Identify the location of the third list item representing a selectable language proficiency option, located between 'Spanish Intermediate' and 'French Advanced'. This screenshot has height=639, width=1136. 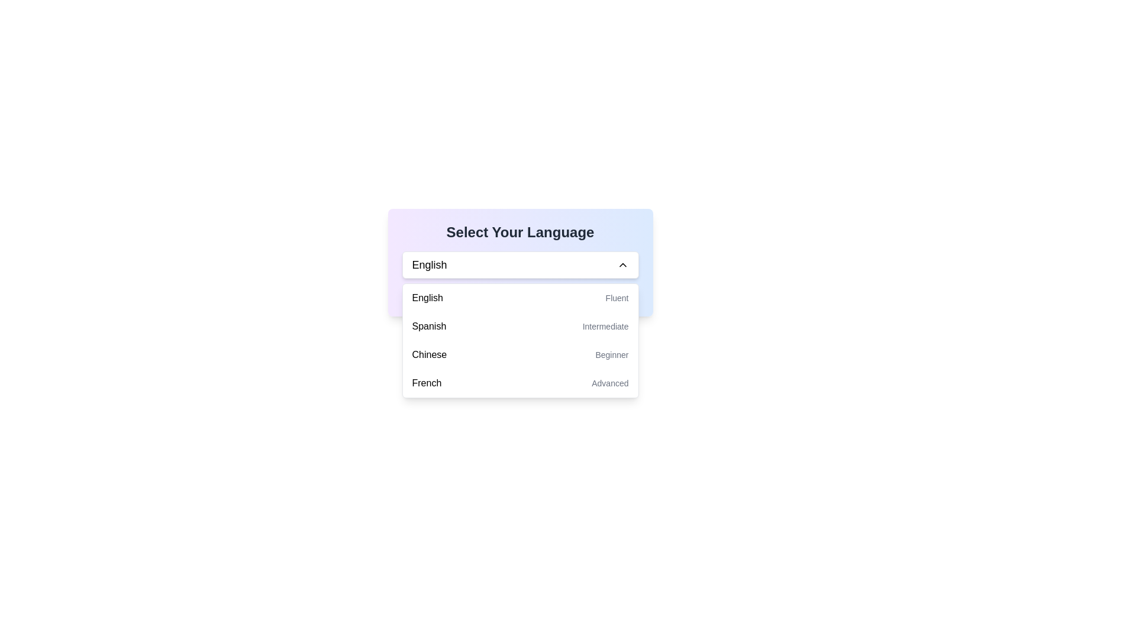
(520, 354).